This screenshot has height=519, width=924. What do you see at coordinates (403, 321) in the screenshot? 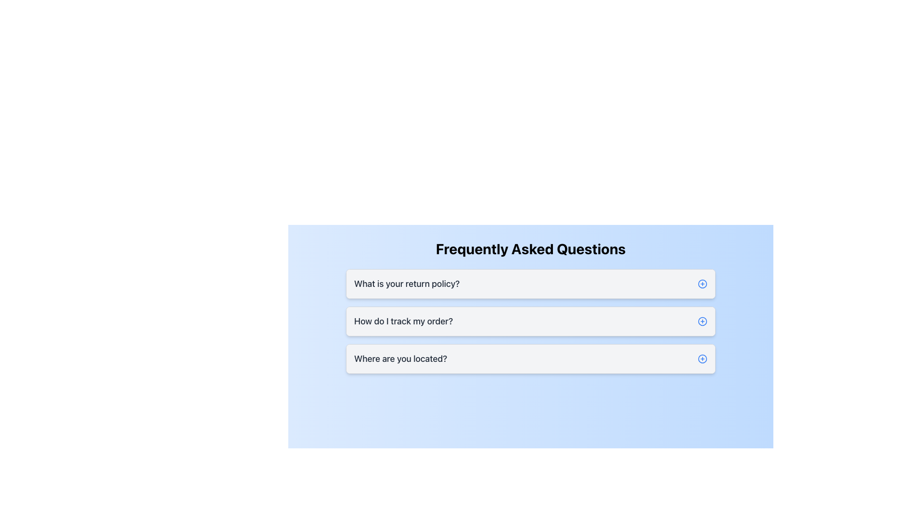
I see `the text label that serves as a heading for a specific question in the FAQ layout, positioned as the central text in the second item of the vertical list` at bounding box center [403, 321].